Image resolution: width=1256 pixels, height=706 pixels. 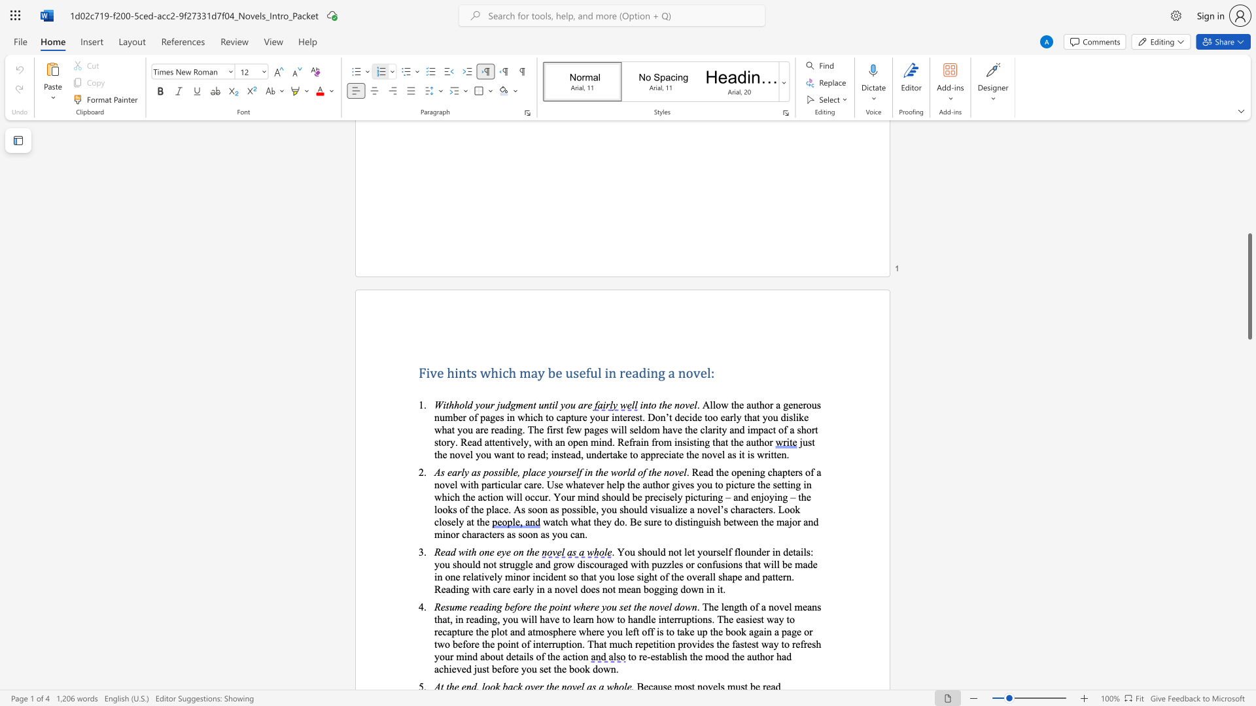 I want to click on the 2th character "u" in the text, so click(x=497, y=656).